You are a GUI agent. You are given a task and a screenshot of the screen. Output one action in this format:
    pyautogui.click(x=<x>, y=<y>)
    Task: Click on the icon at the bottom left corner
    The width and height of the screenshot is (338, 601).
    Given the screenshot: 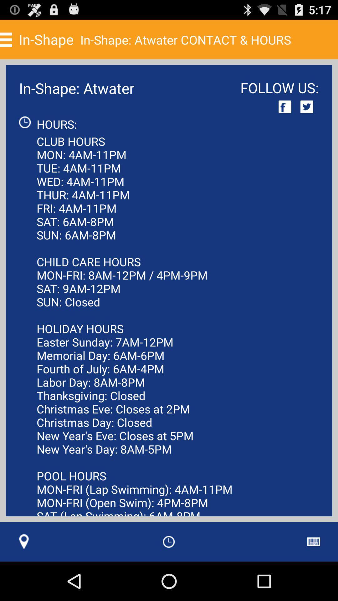 What is the action you would take?
    pyautogui.click(x=23, y=542)
    